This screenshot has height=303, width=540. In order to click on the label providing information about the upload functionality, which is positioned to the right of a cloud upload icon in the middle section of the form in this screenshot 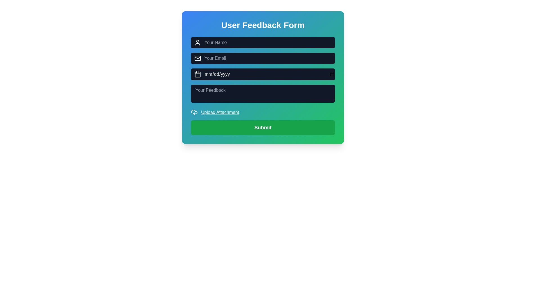, I will do `click(220, 113)`.